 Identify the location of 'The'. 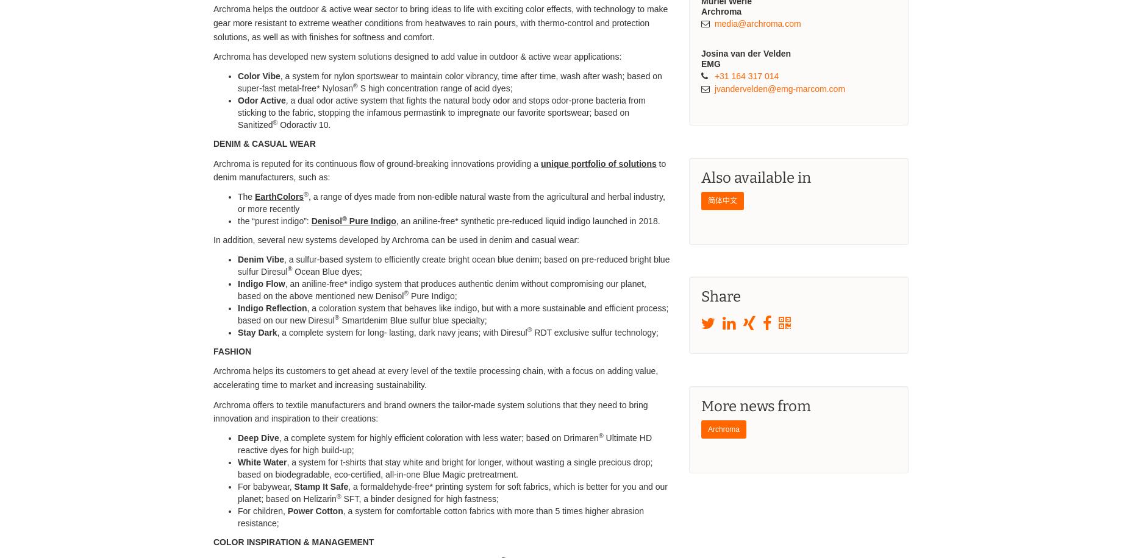
(246, 195).